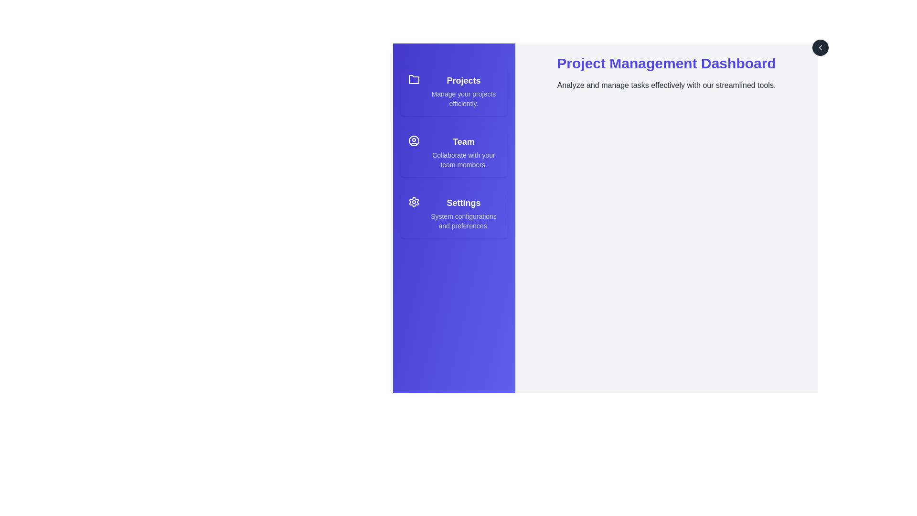 The width and height of the screenshot is (917, 516). Describe the element at coordinates (820, 48) in the screenshot. I see `the toggle button to change the drawer's open state` at that location.